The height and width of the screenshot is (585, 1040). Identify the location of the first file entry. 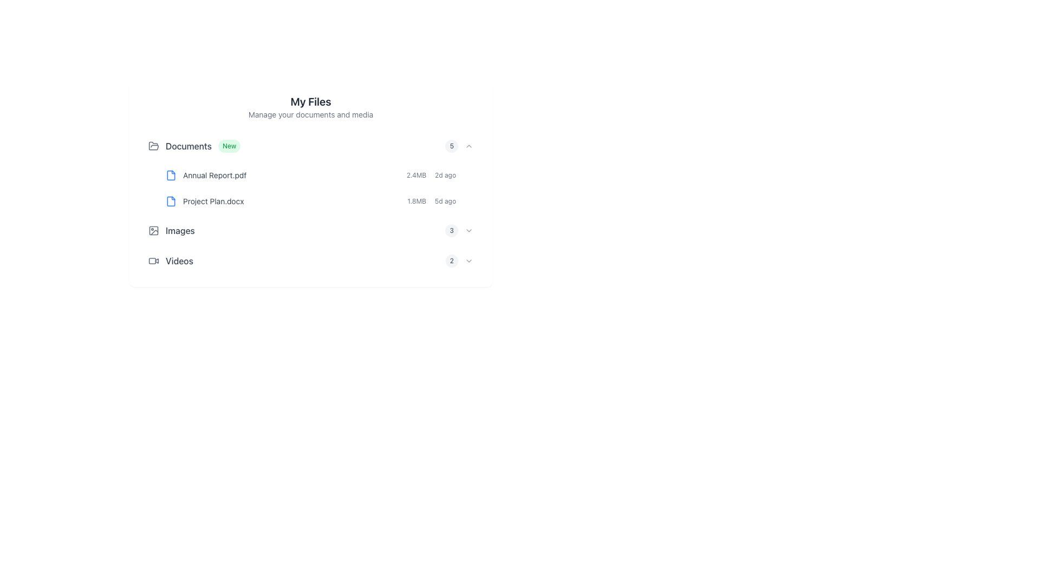
(319, 175).